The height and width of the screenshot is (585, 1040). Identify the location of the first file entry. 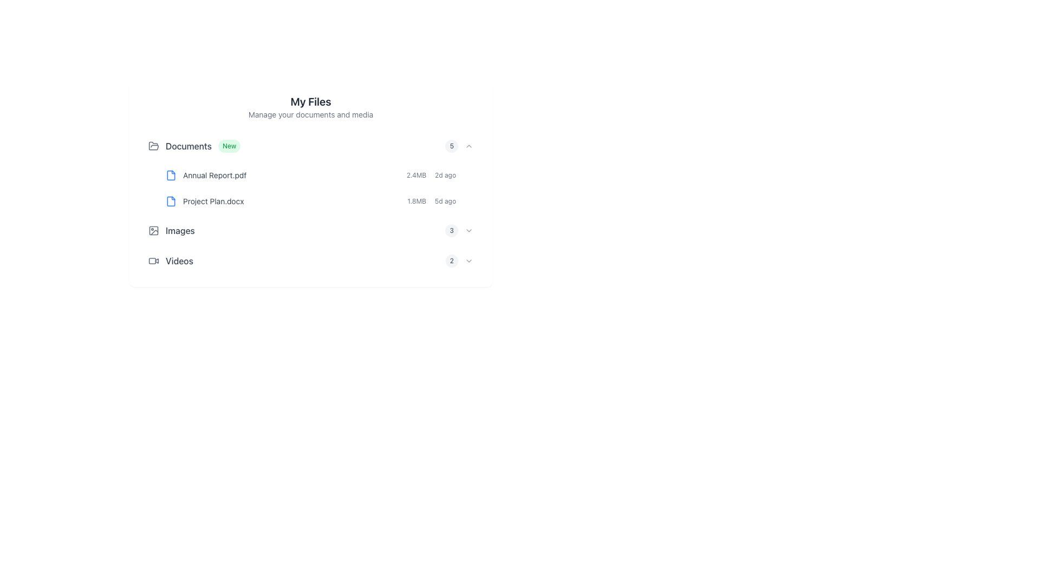
(319, 175).